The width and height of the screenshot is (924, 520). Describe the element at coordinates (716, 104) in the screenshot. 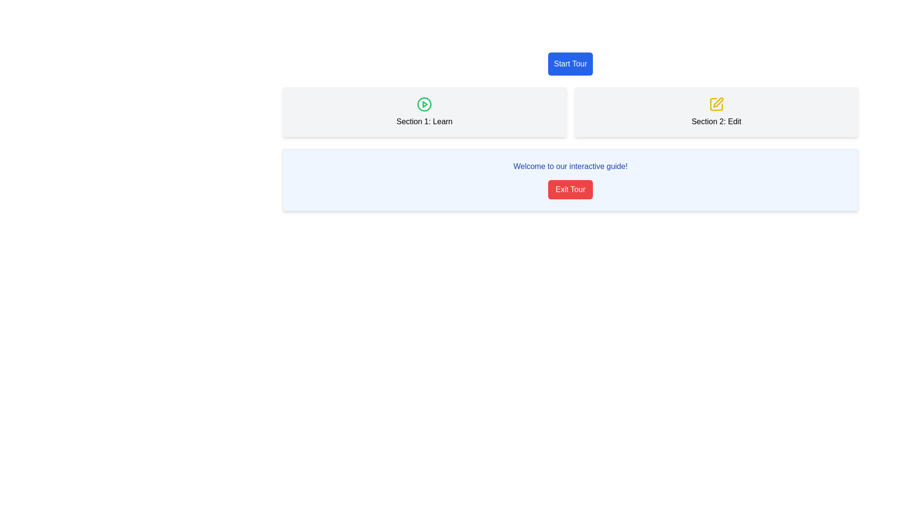

I see `the edit icon for 'Section 2: Edit', which is located at the top of the rightmost card in the row of two cards` at that location.